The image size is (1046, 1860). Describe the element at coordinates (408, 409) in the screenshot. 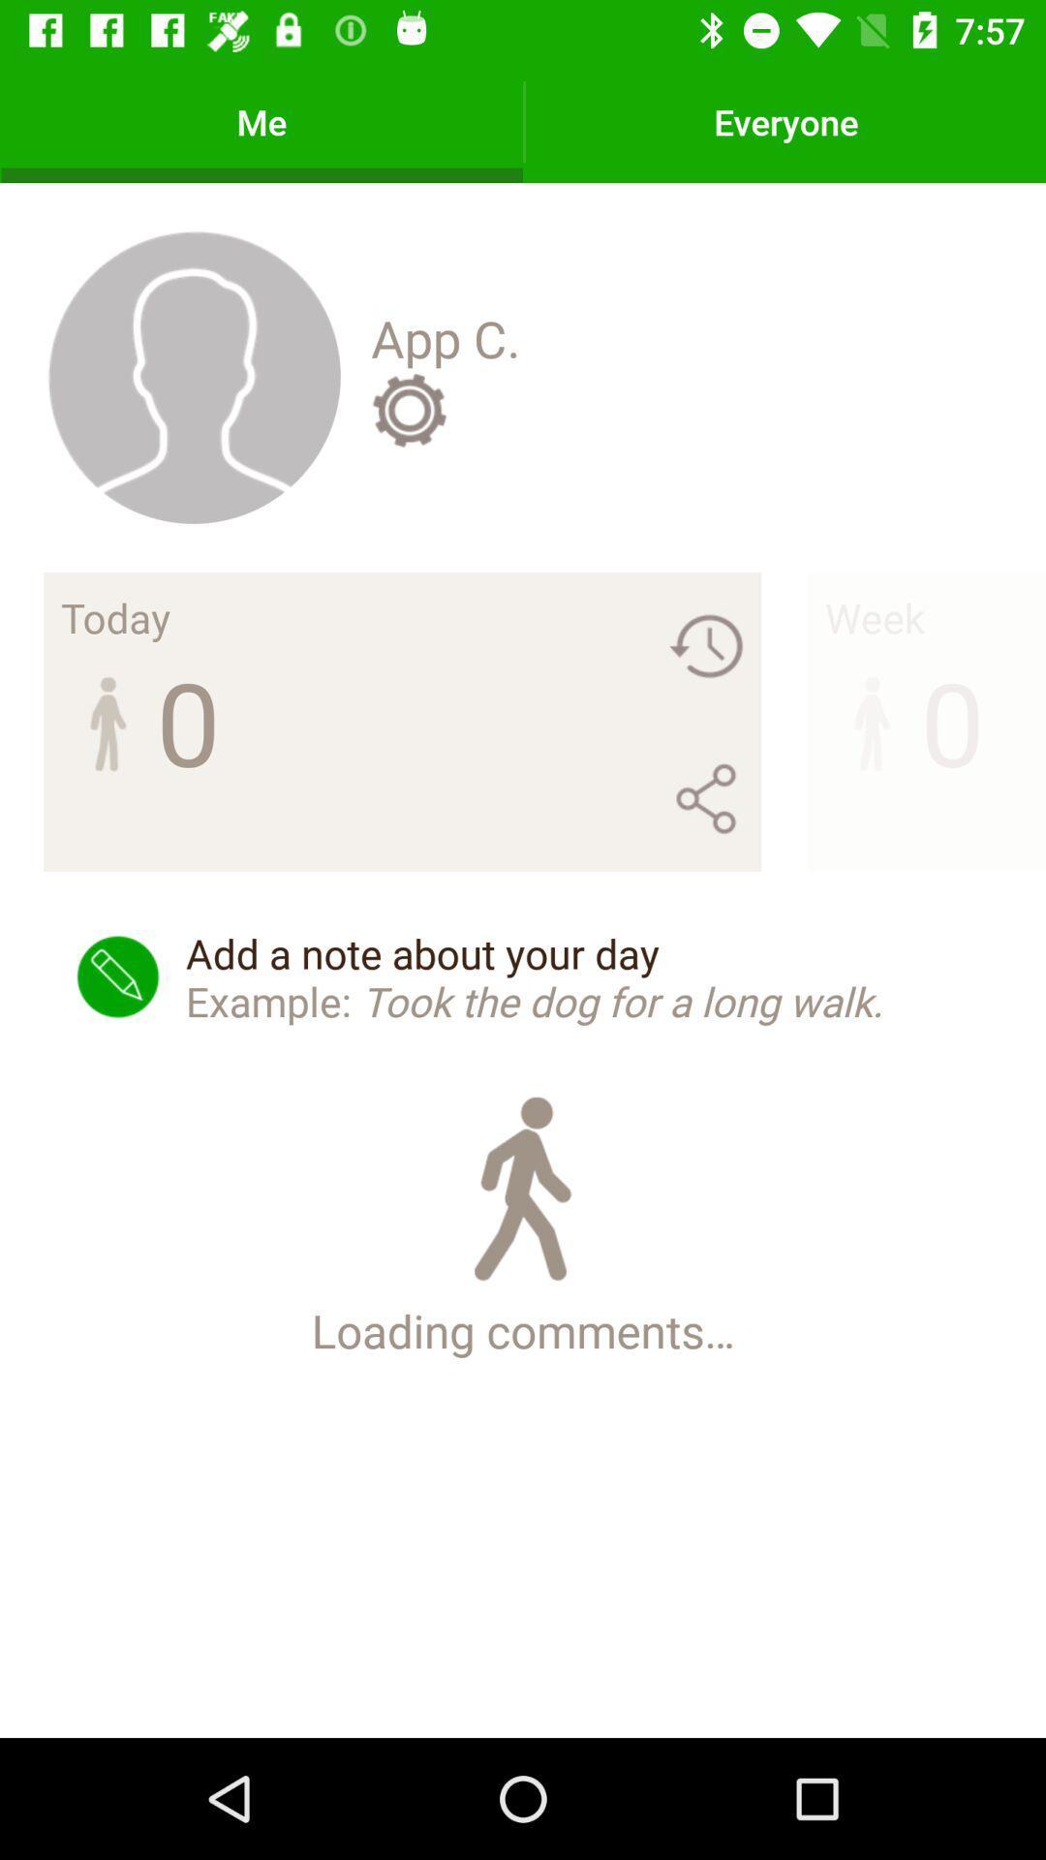

I see `icon above the add a note` at that location.